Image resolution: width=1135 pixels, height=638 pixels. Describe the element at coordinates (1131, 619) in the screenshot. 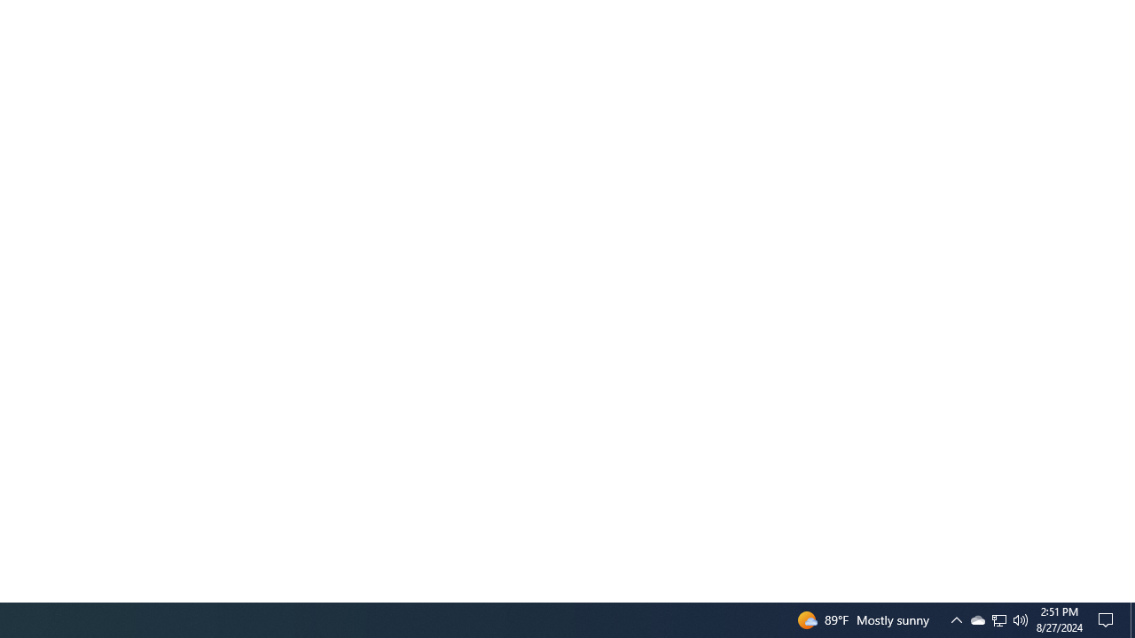

I see `'Action Center, No new notifications'` at that location.